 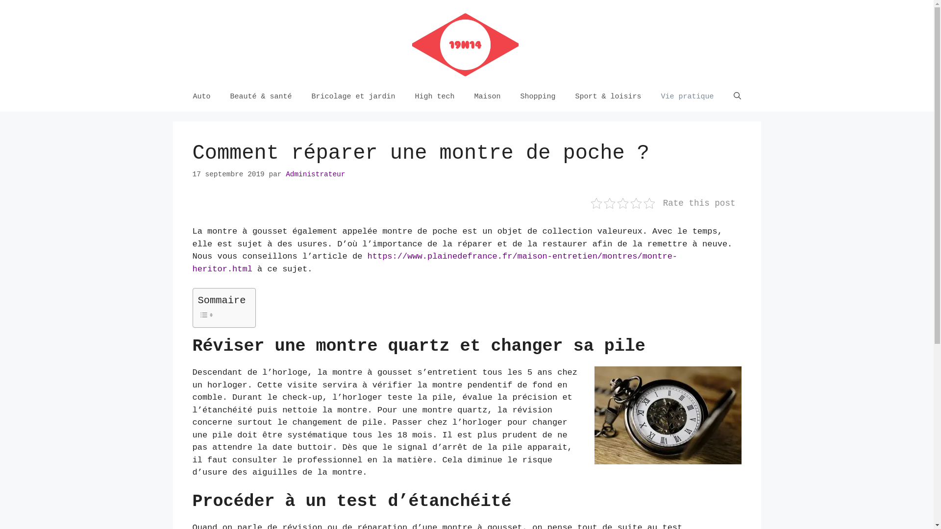 I want to click on 'Vie pratique', so click(x=651, y=96).